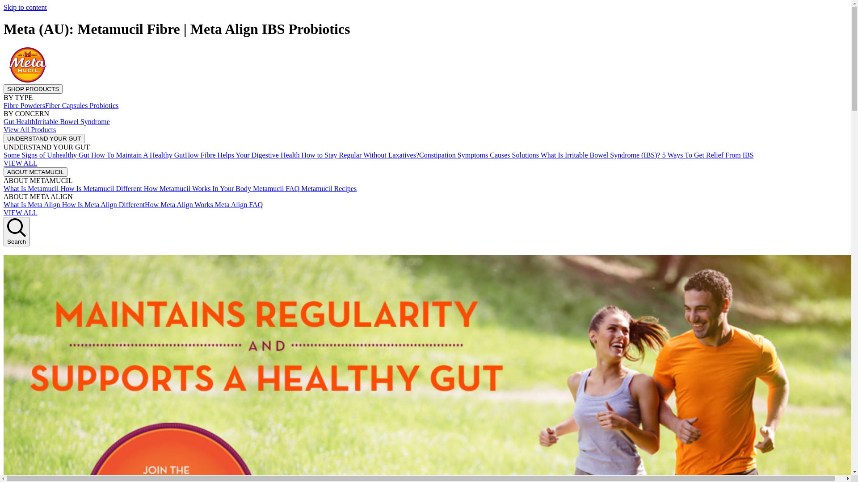 The width and height of the screenshot is (858, 482). Describe the element at coordinates (31, 188) in the screenshot. I see `'What Is Metamucil'` at that location.